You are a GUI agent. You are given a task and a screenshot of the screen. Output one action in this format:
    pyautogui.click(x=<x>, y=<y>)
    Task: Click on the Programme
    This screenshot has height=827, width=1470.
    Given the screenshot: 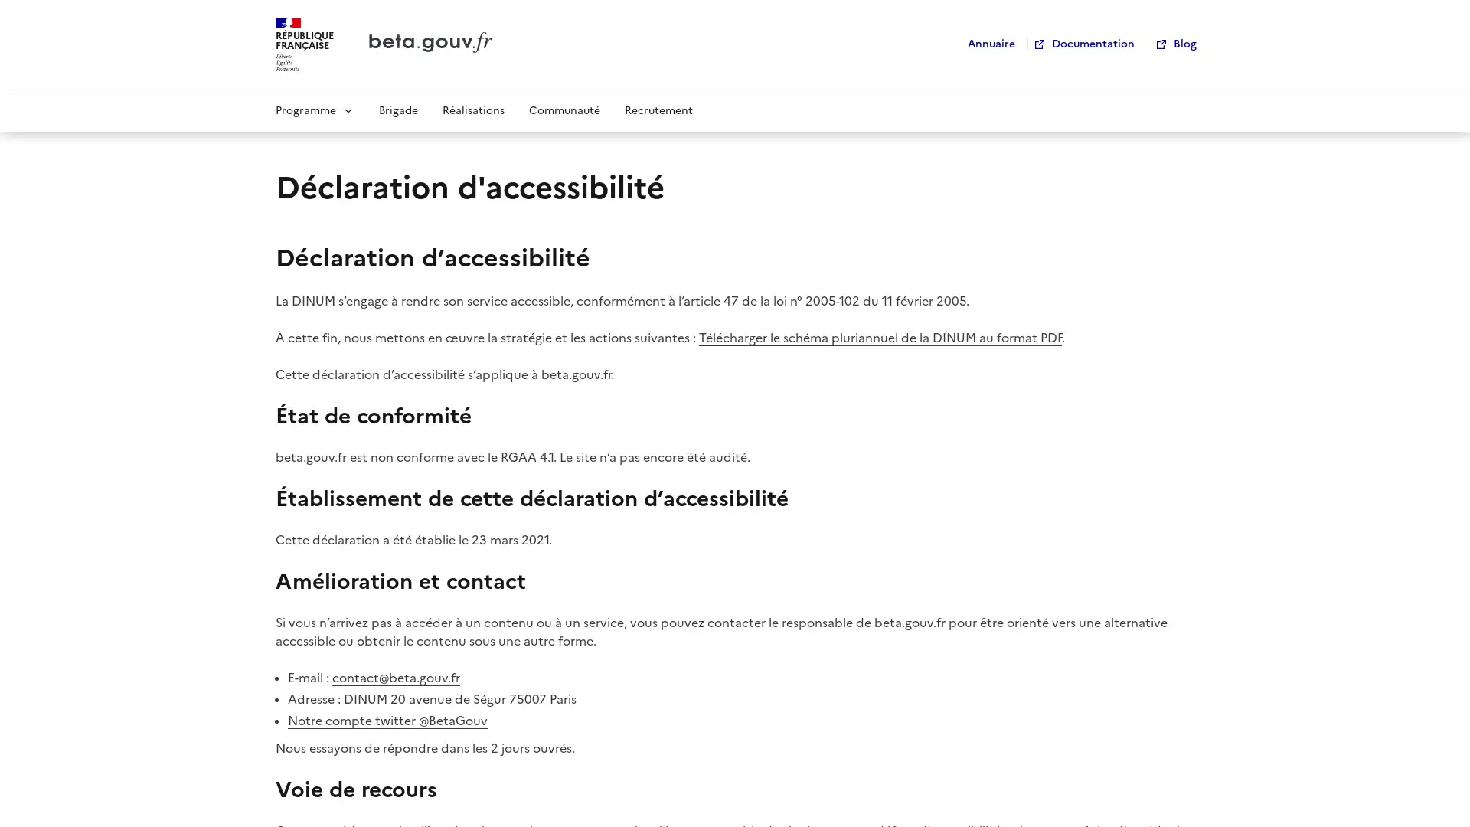 What is the action you would take?
    pyautogui.click(x=314, y=109)
    